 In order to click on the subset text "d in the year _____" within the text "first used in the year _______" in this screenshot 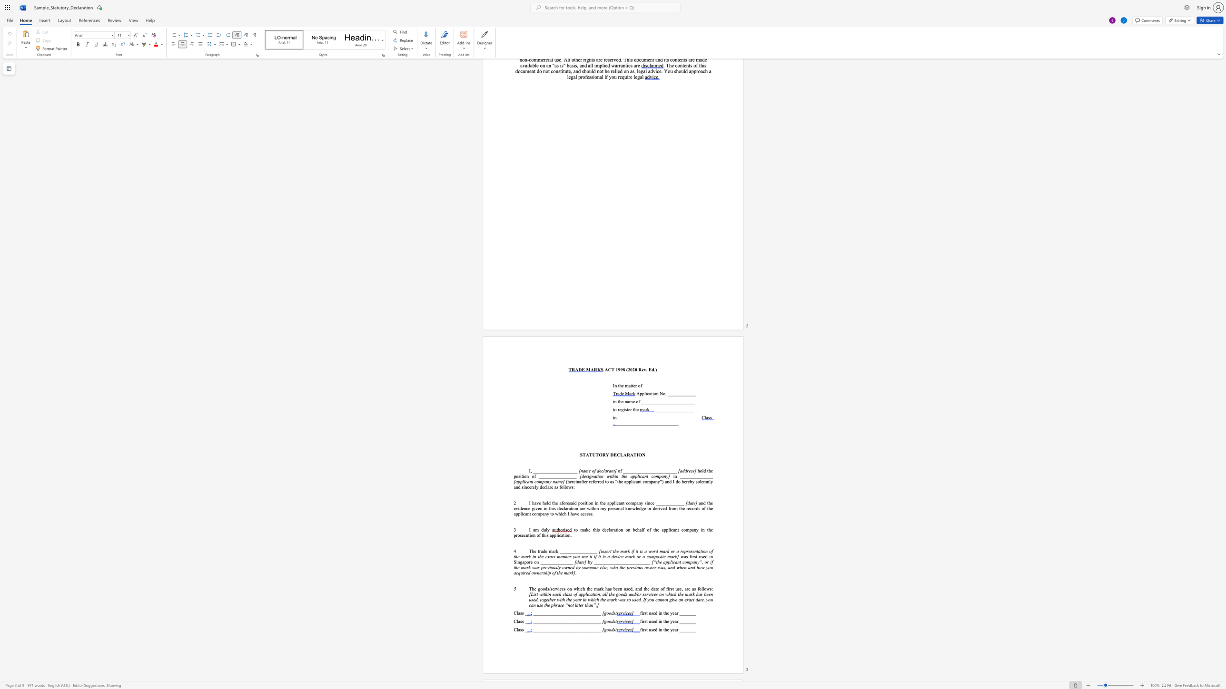, I will do `click(654, 621)`.